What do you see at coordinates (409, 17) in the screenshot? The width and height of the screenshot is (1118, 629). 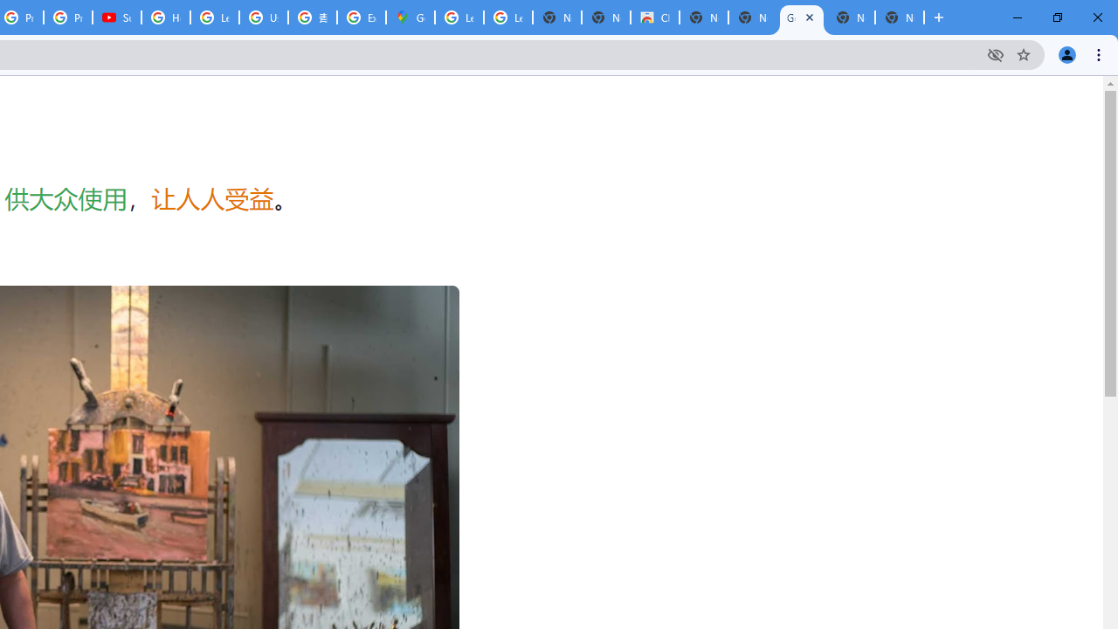 I see `'Google Maps'` at bounding box center [409, 17].